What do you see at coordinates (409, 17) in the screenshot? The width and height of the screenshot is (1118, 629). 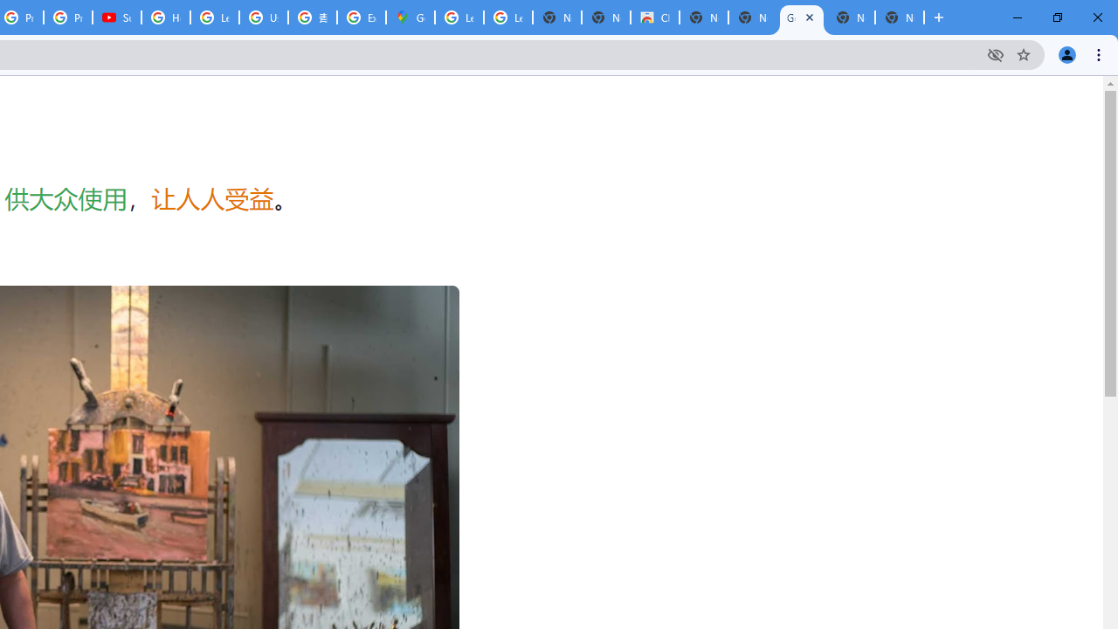 I see `'Google Maps'` at bounding box center [409, 17].